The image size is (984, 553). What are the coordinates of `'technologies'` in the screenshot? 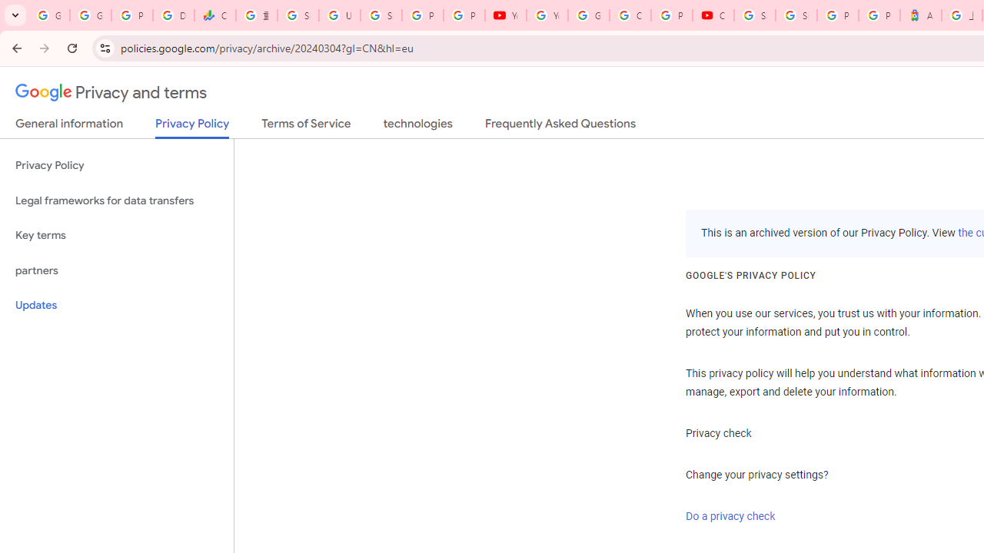 It's located at (417, 126).